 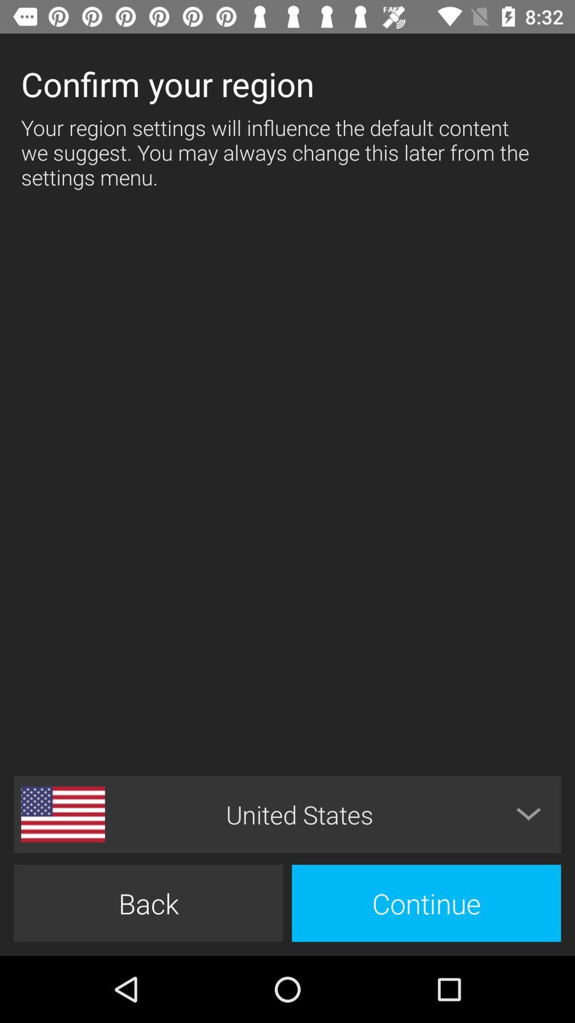 What do you see at coordinates (148, 903) in the screenshot?
I see `the back item` at bounding box center [148, 903].